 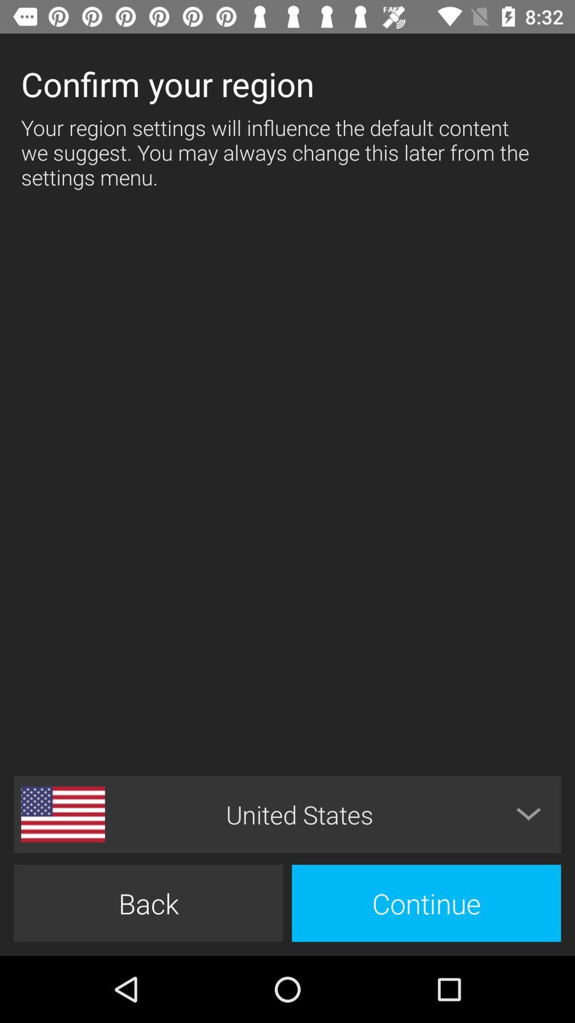 What do you see at coordinates (148, 903) in the screenshot?
I see `the back item` at bounding box center [148, 903].